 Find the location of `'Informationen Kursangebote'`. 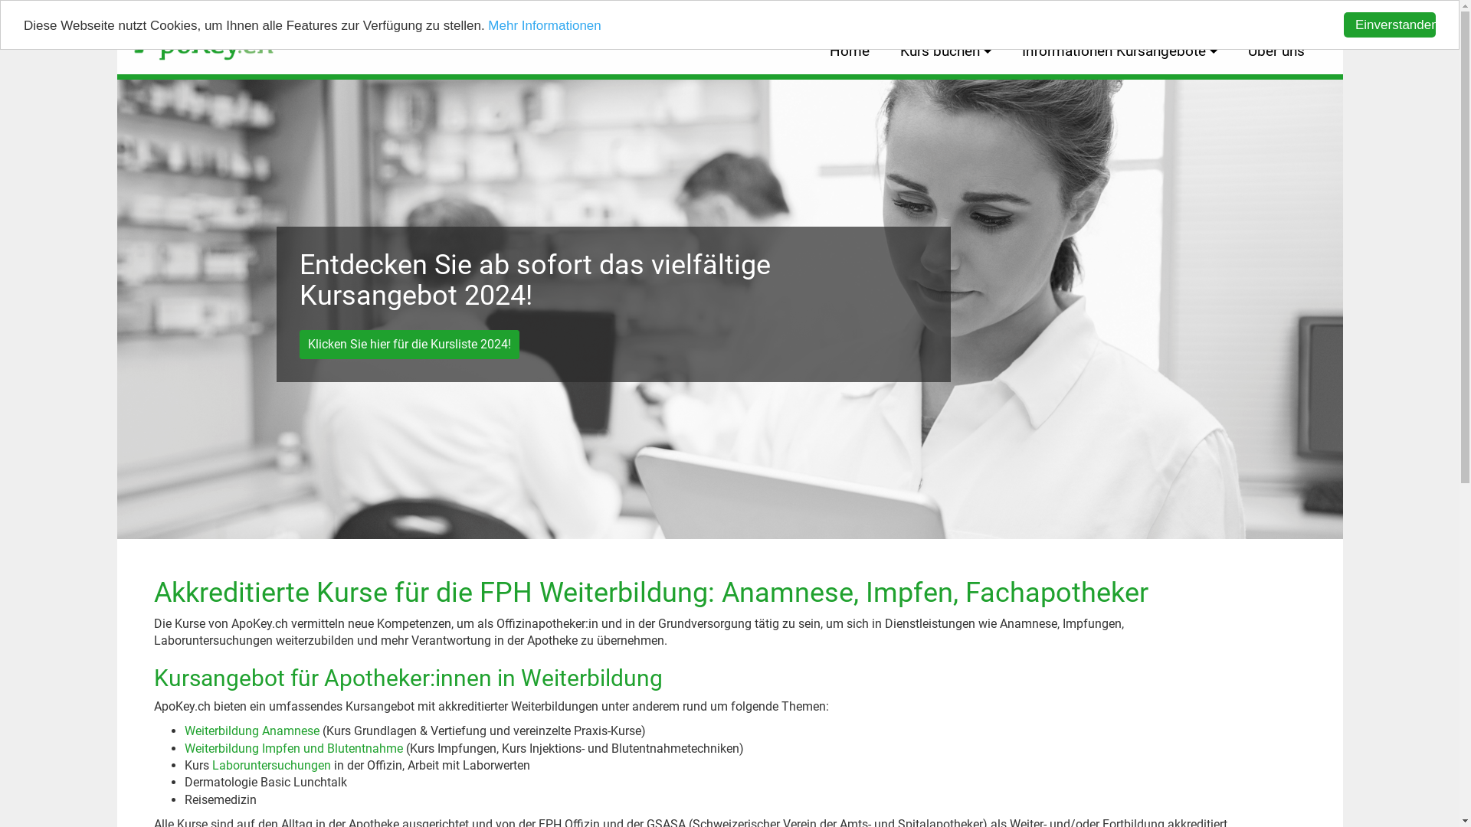

'Informationen Kursangebote' is located at coordinates (1119, 51).